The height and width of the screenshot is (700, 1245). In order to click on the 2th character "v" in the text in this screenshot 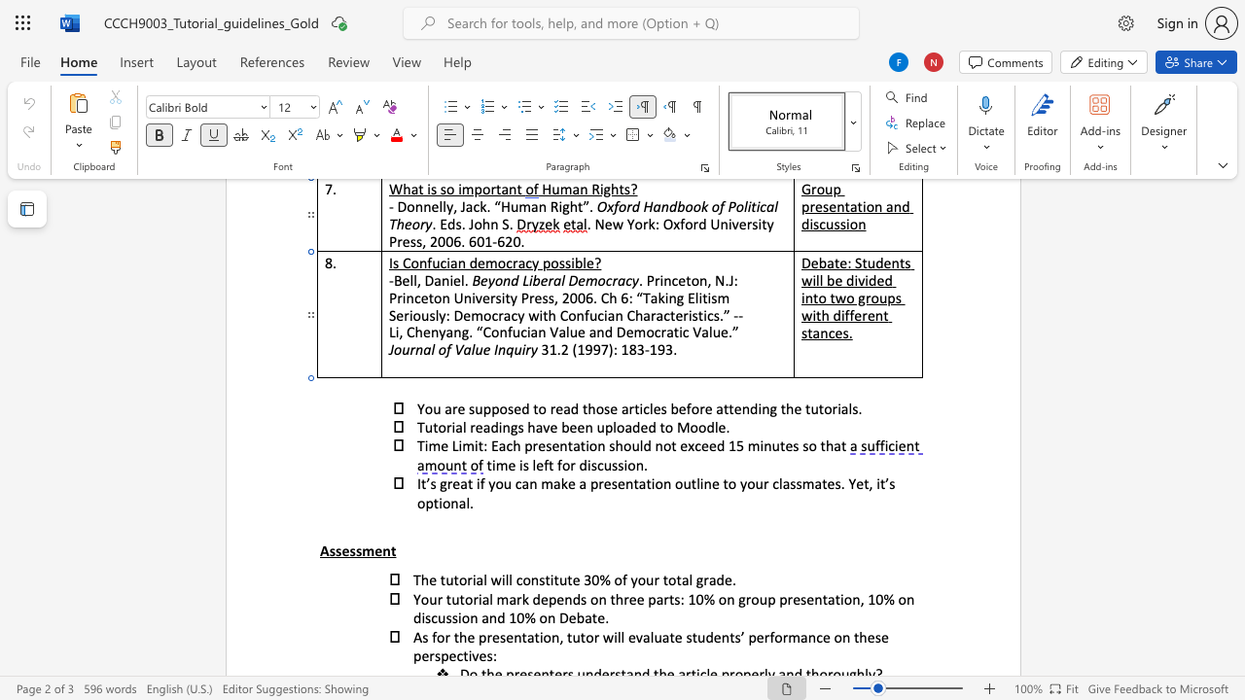, I will do `click(475, 655)`.